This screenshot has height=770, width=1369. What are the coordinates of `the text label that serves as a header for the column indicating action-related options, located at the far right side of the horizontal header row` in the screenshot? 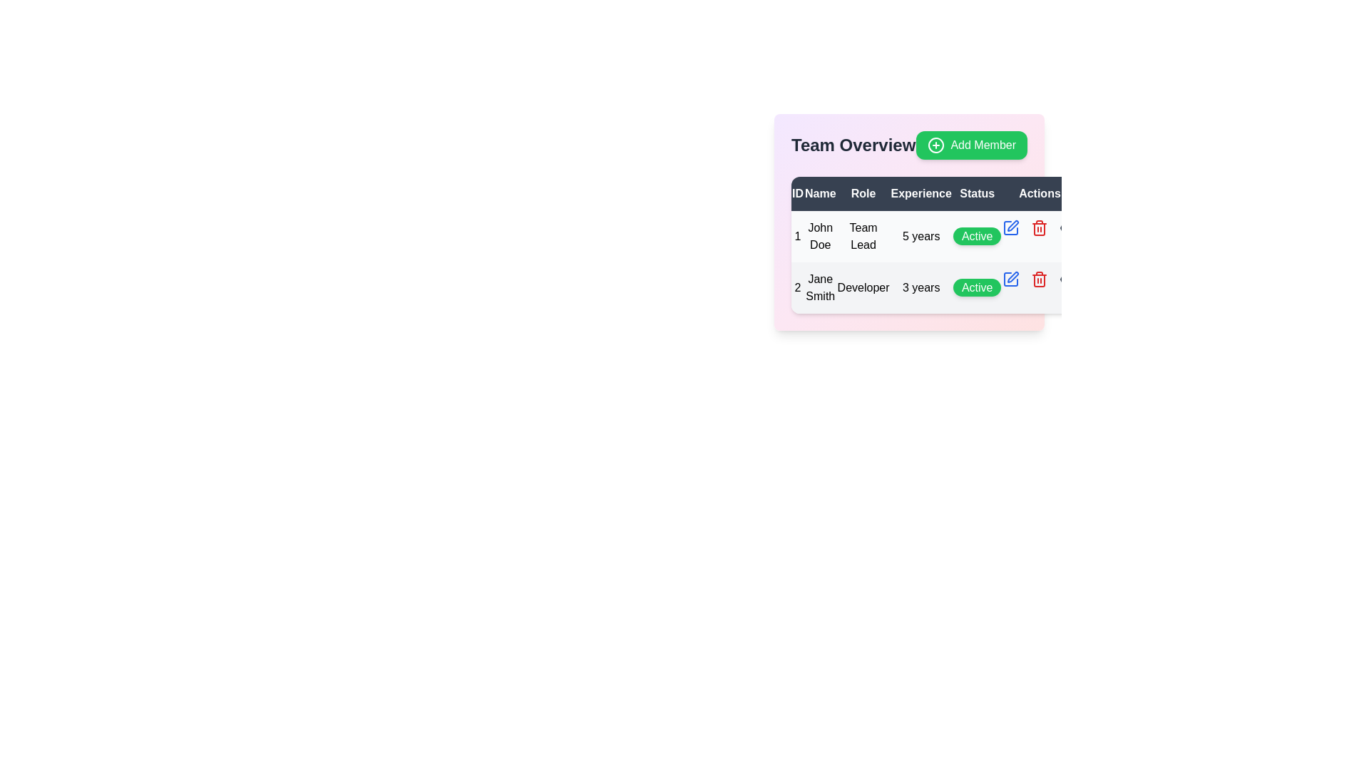 It's located at (1040, 194).